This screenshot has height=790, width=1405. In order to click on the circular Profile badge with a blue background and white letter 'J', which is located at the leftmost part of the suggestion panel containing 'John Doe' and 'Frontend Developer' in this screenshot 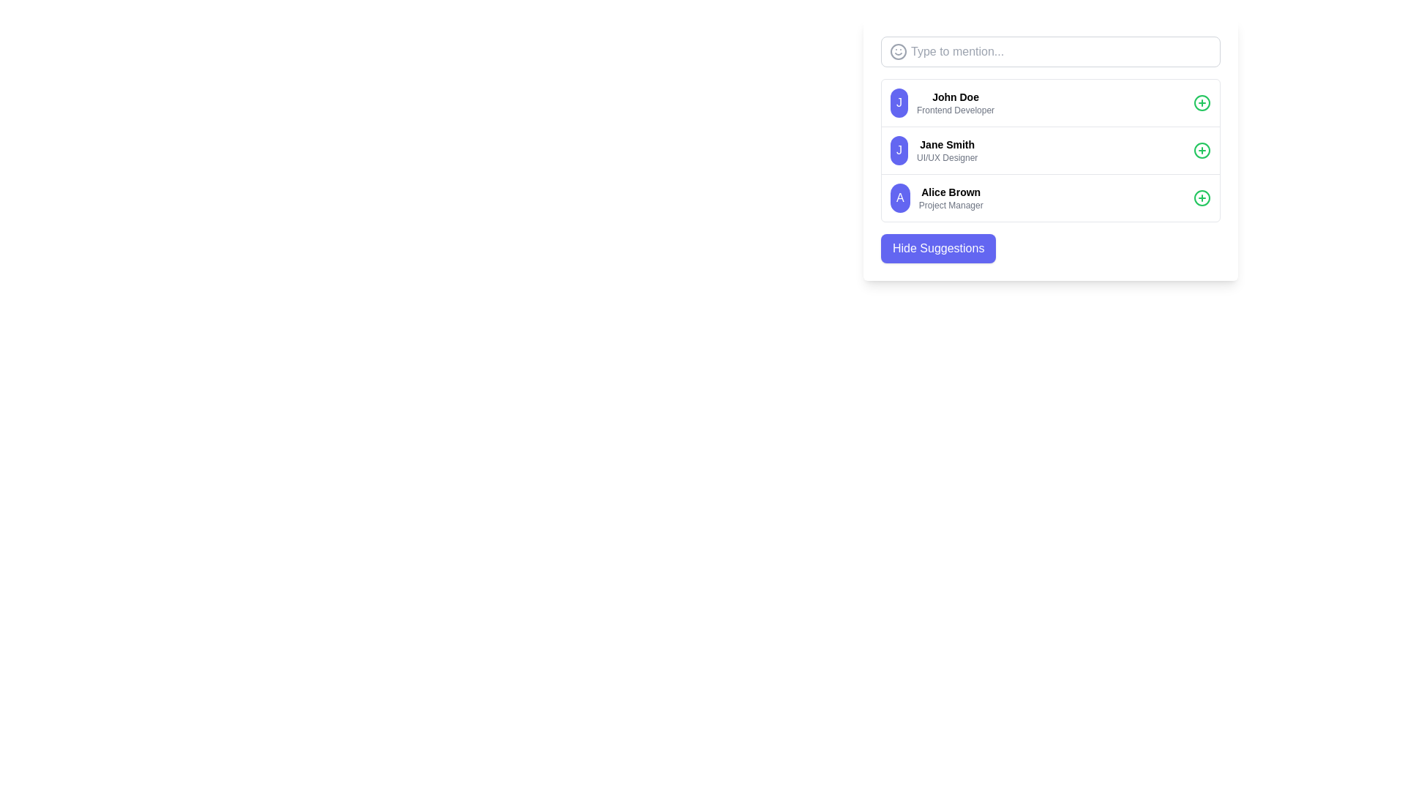, I will do `click(898, 102)`.